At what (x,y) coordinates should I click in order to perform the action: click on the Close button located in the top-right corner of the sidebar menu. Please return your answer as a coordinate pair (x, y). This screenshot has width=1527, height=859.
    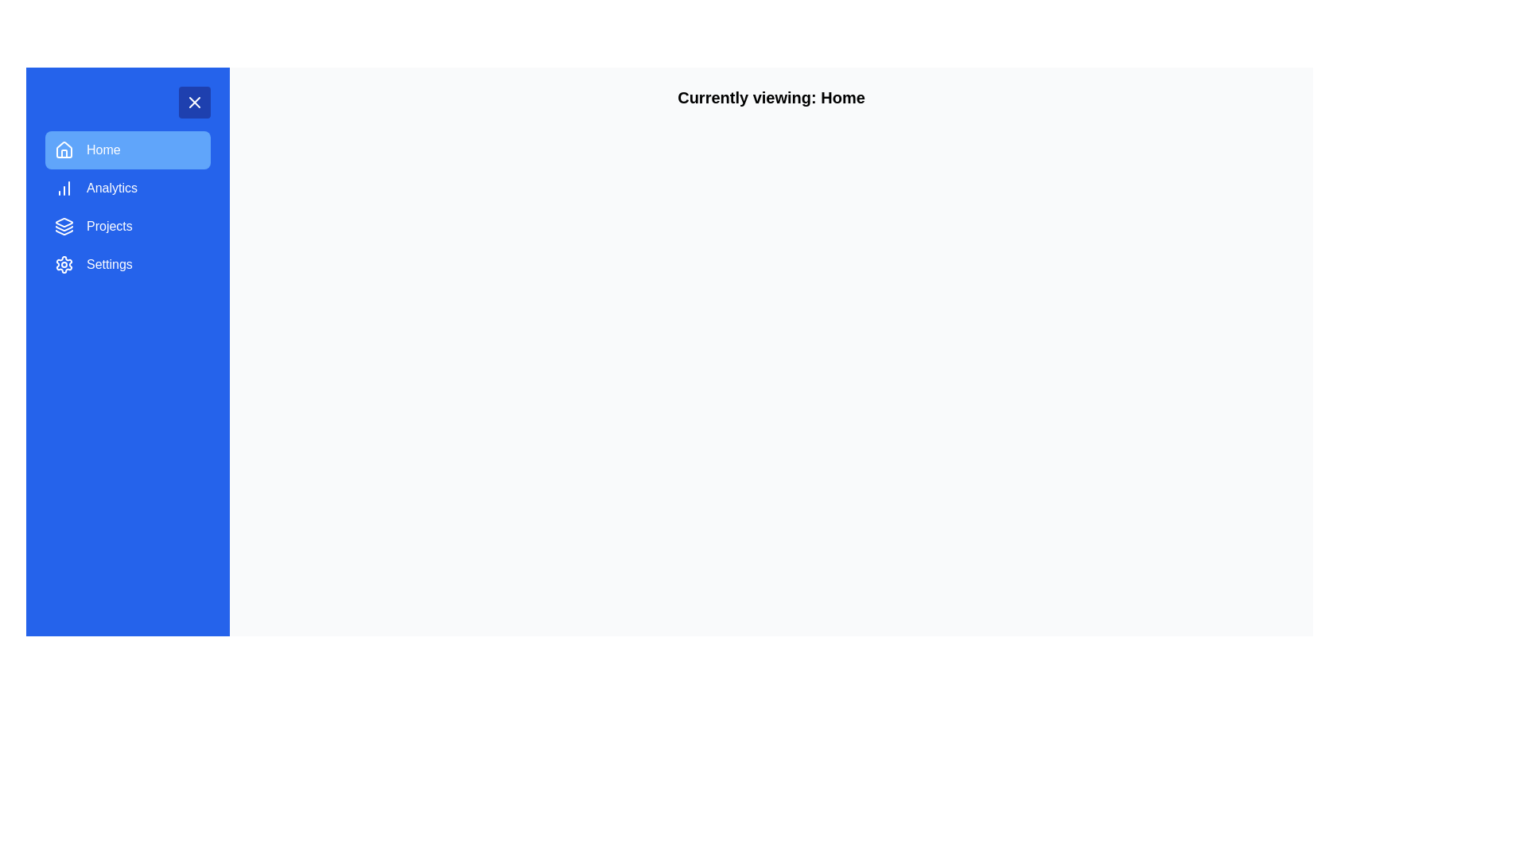
    Looking at the image, I should click on (193, 102).